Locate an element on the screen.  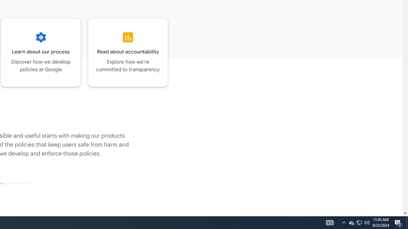
'Go to the Our process page' is located at coordinates (40, 52).